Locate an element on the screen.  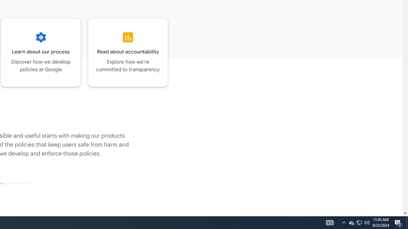
'Go to the Our process page' is located at coordinates (40, 52).